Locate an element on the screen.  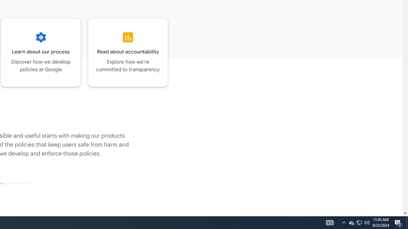
'Go to the Our process page' is located at coordinates (40, 52).